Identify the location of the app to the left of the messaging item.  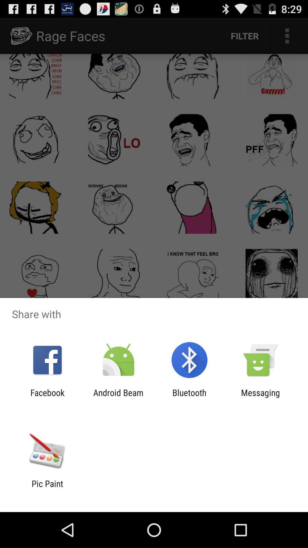
(189, 397).